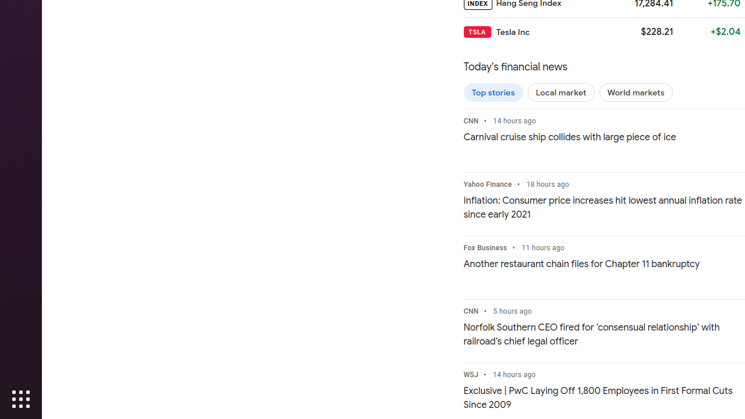 This screenshot has width=745, height=419. Describe the element at coordinates (493, 91) in the screenshot. I see `'Top stories'` at that location.